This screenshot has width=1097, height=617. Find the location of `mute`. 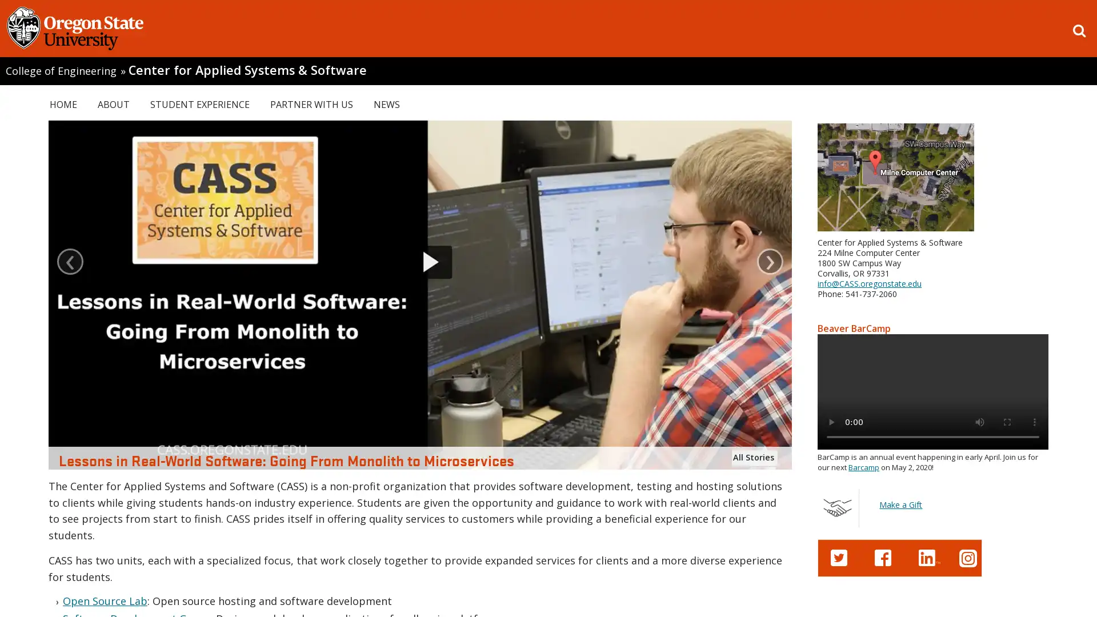

mute is located at coordinates (978, 421).